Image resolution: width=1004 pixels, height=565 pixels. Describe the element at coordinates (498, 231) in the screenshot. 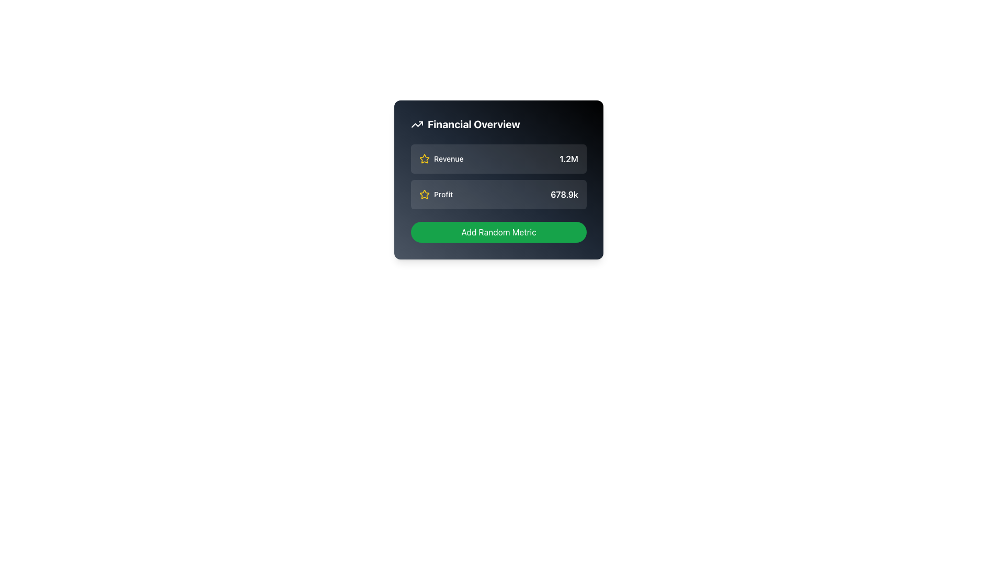

I see `the 'Add Random Metric' button using keyboard navigation` at that location.